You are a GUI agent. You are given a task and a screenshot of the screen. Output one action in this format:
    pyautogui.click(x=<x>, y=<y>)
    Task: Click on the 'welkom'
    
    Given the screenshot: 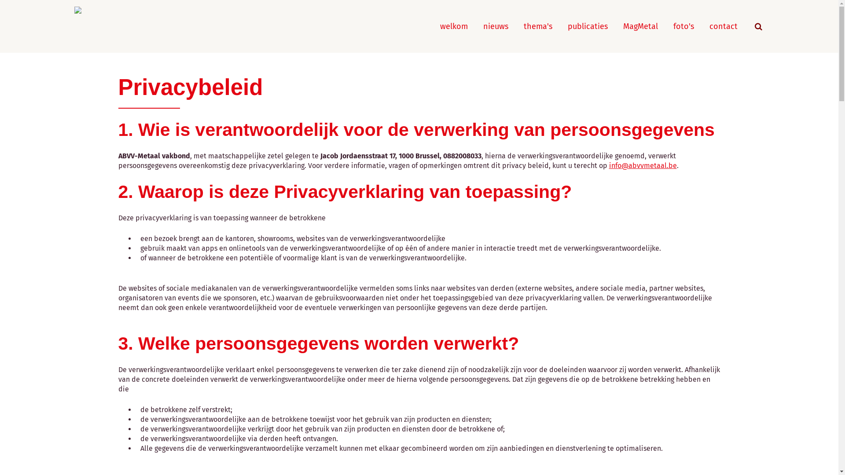 What is the action you would take?
    pyautogui.click(x=454, y=26)
    